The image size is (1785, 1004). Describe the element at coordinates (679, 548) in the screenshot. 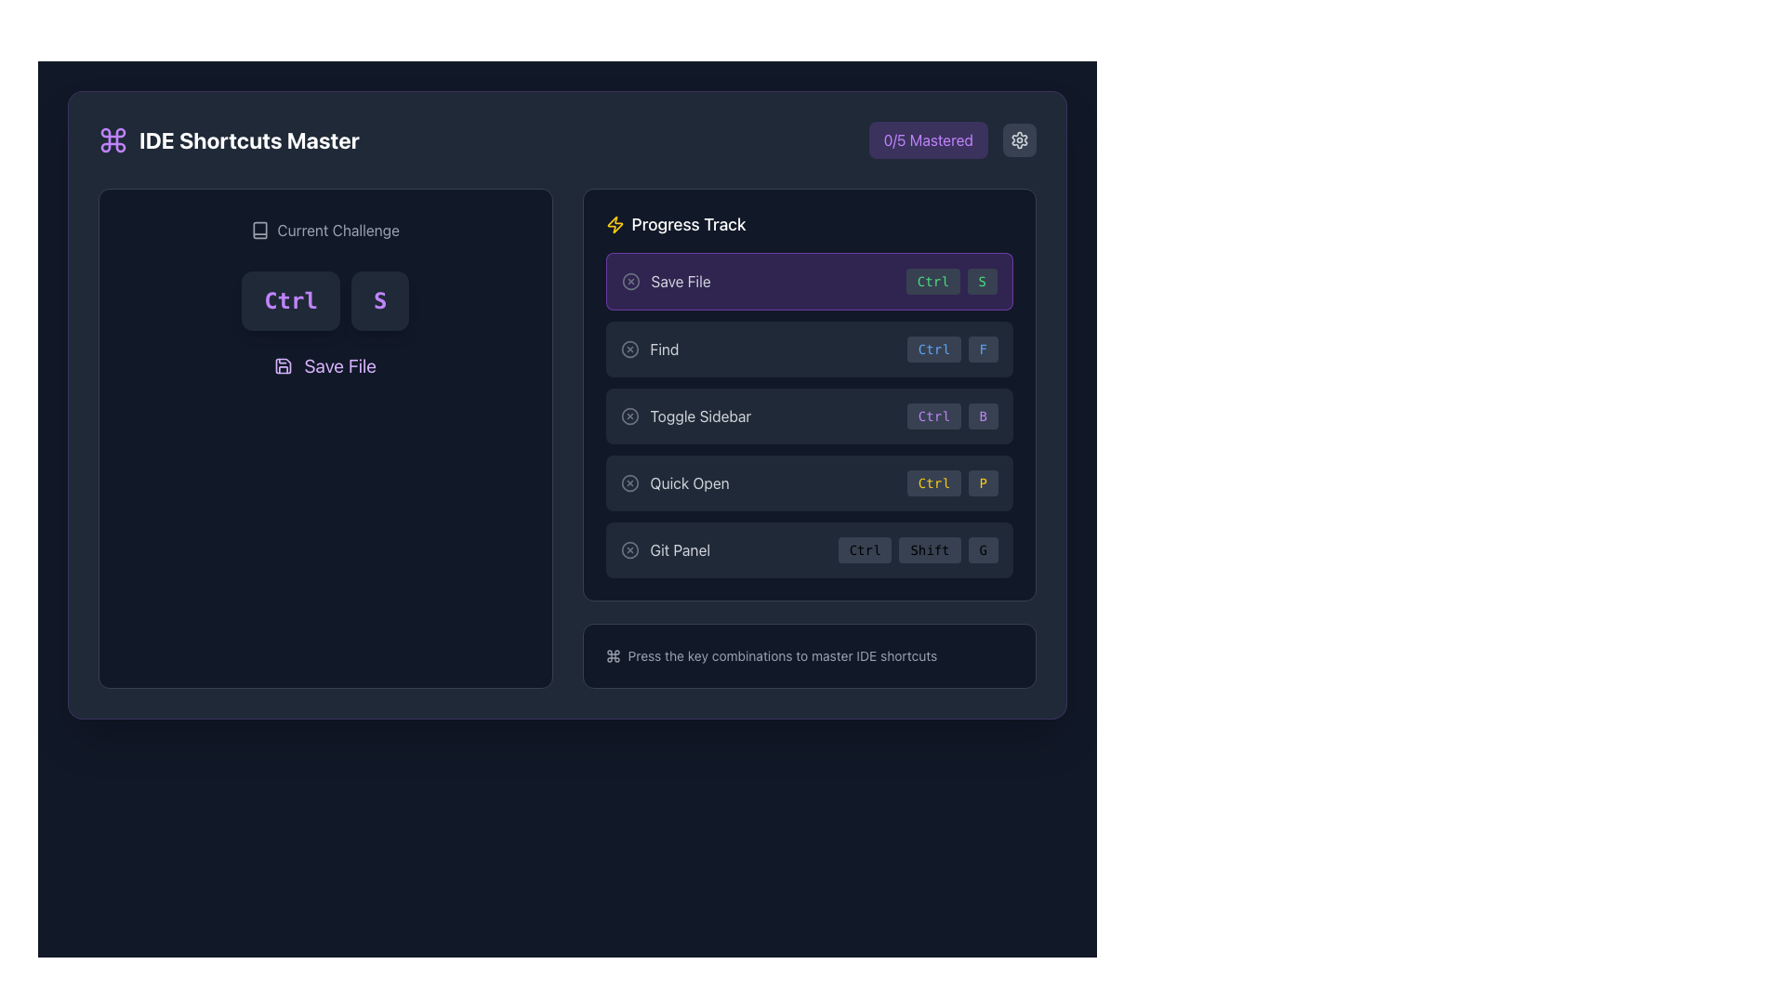

I see `the 'Git Panel' text label element, which is styled in gray and located in the 'Progress Track' section adjacent to a gray circular icon with a cross mark` at that location.